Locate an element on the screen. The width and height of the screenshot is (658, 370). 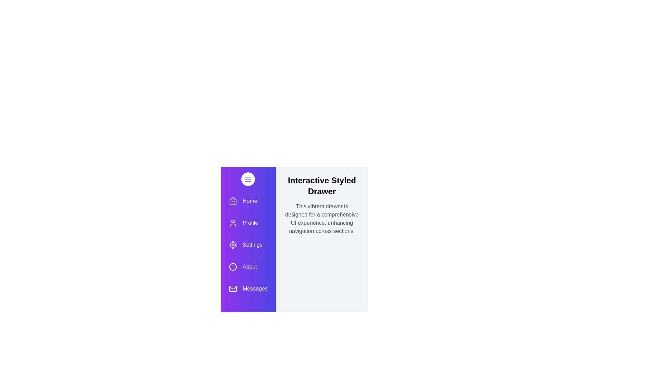
toggle button to toggle the drawer open or closed is located at coordinates (248, 179).